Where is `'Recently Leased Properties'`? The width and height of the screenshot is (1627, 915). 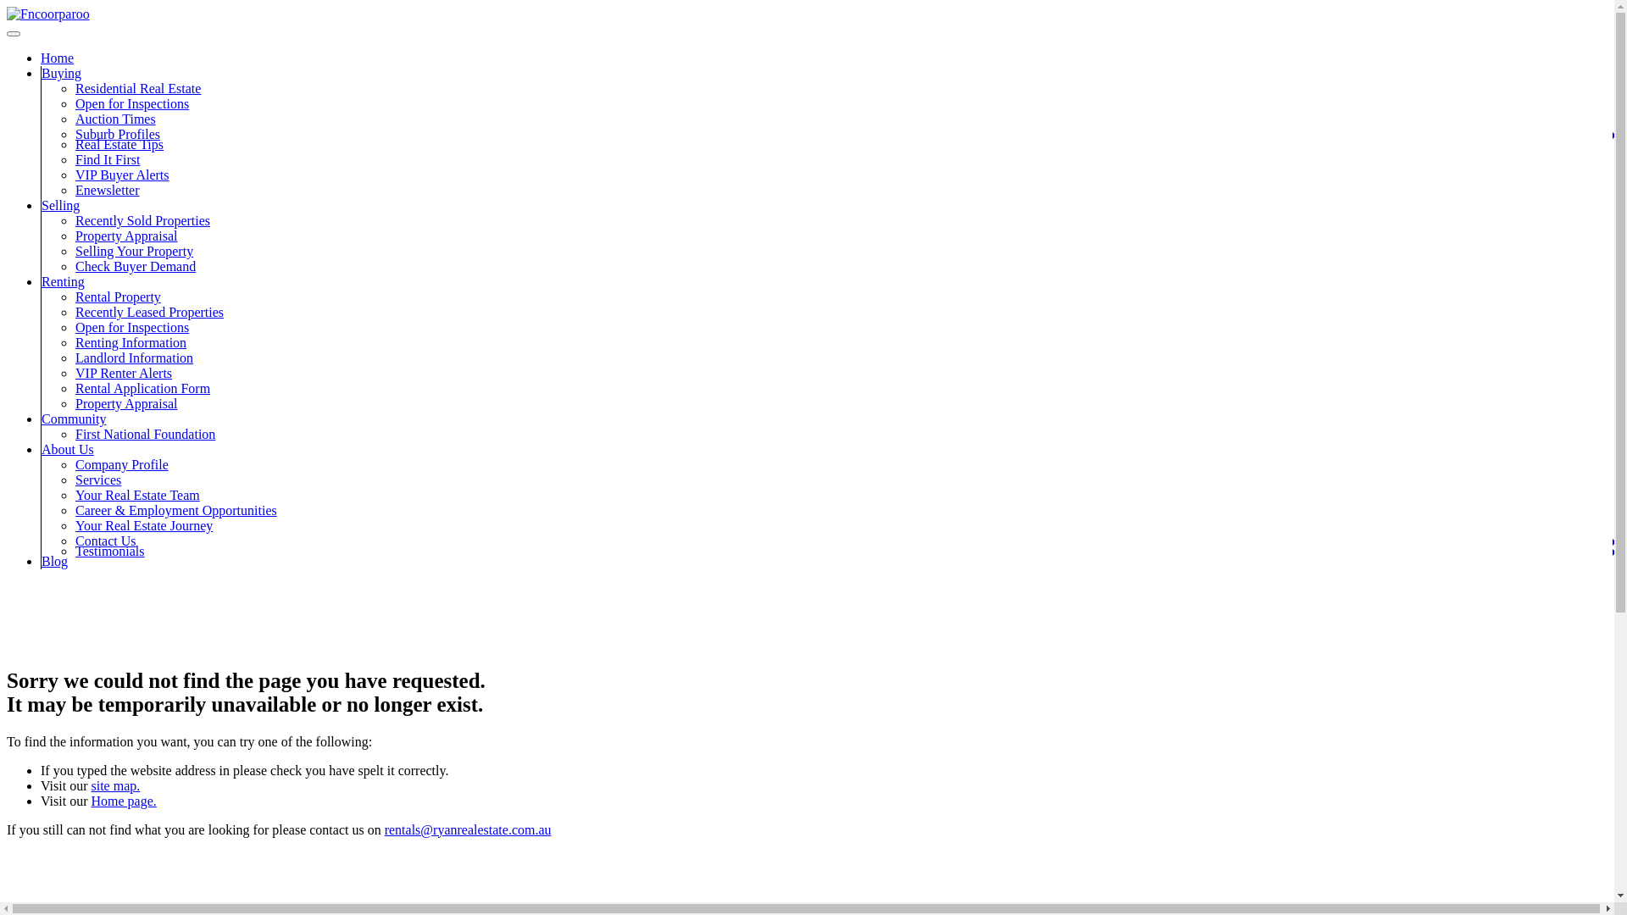 'Recently Leased Properties' is located at coordinates (149, 312).